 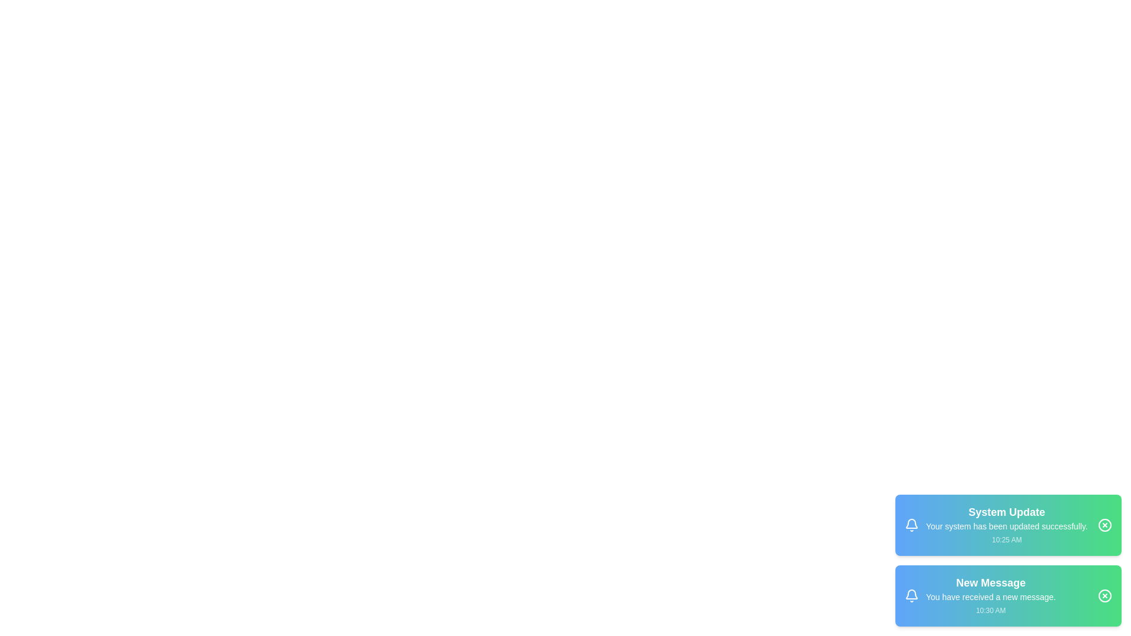 What do you see at coordinates (911, 524) in the screenshot?
I see `the notification icon to visually identify it` at bounding box center [911, 524].